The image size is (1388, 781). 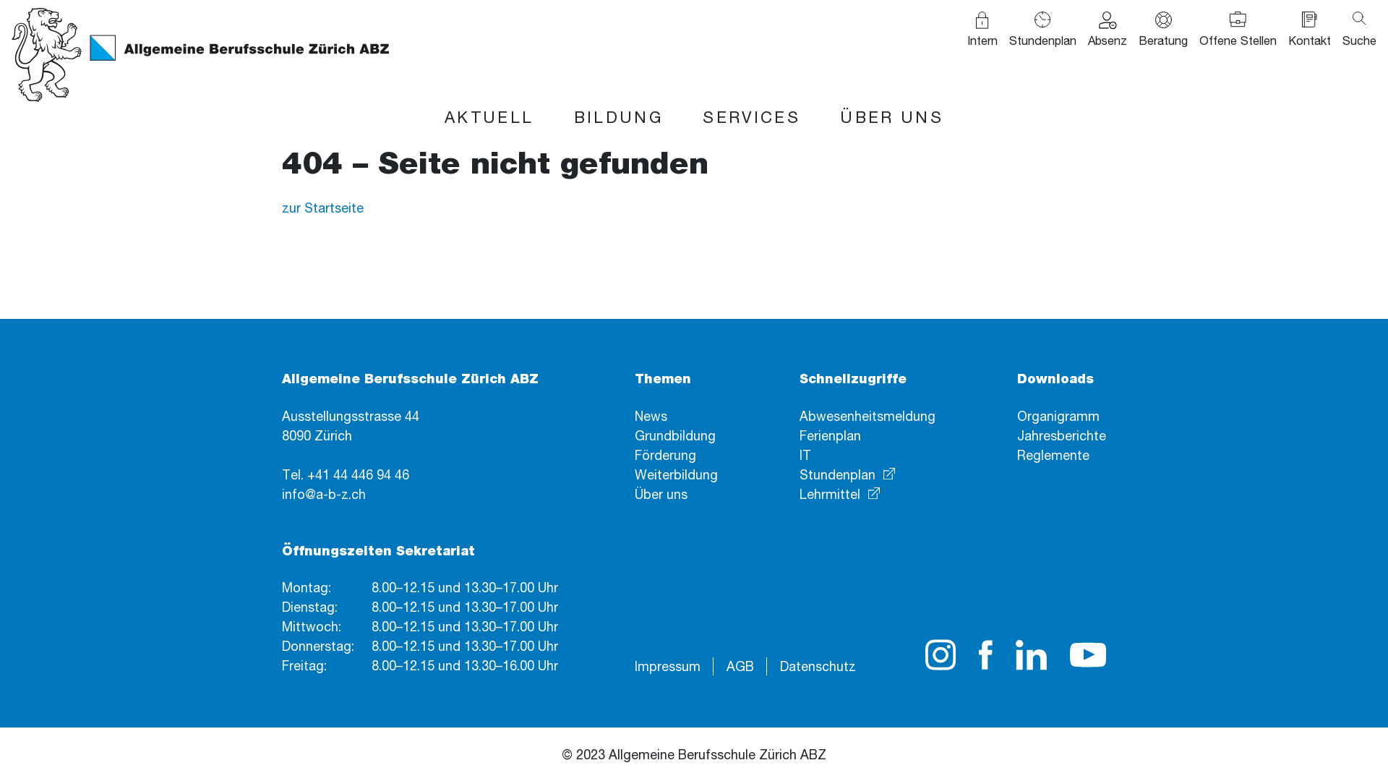 I want to click on 'zur Startseite', so click(x=322, y=207).